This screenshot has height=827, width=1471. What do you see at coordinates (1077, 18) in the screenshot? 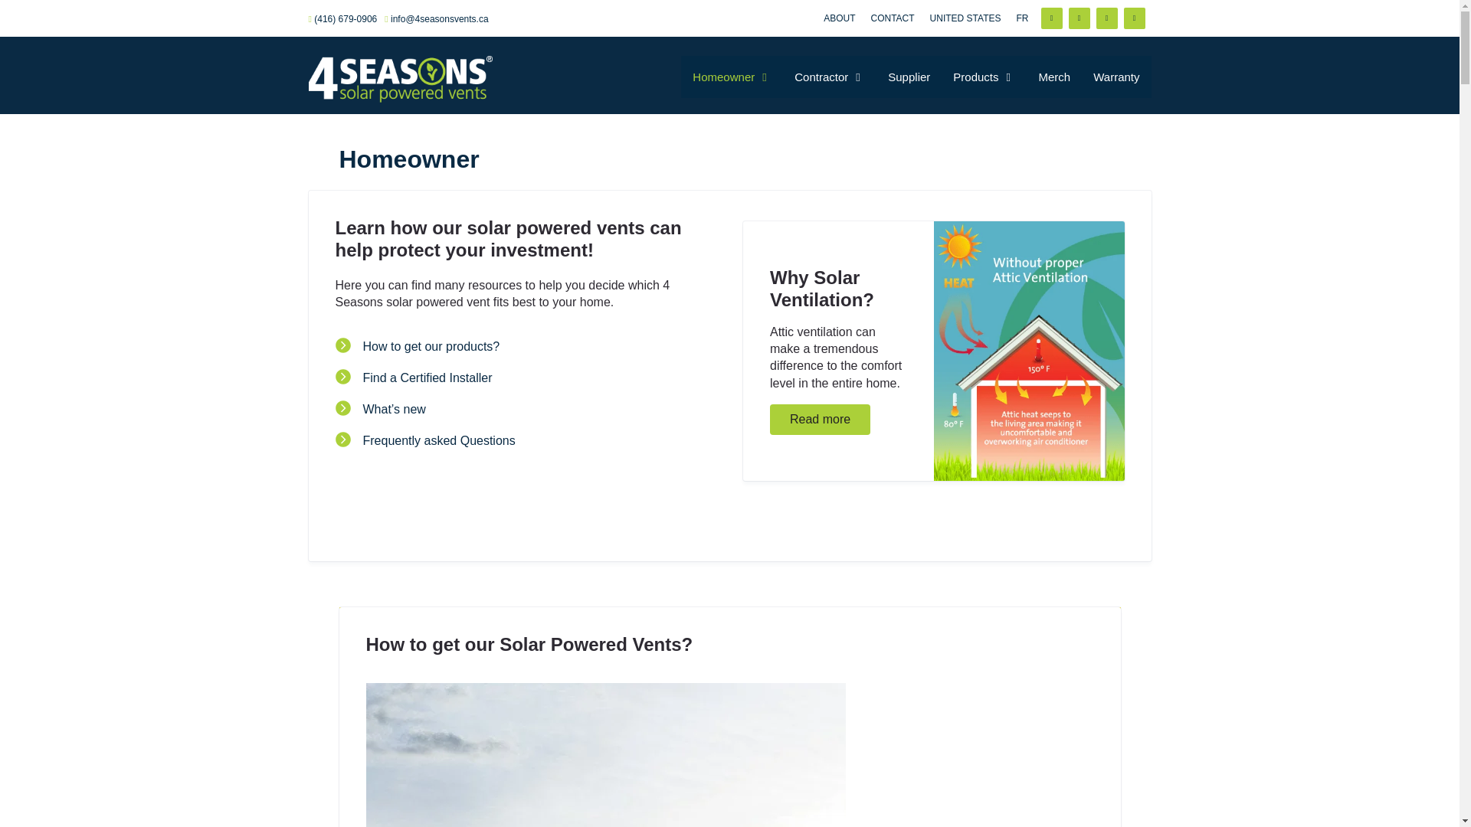
I see `'Twitter'` at bounding box center [1077, 18].